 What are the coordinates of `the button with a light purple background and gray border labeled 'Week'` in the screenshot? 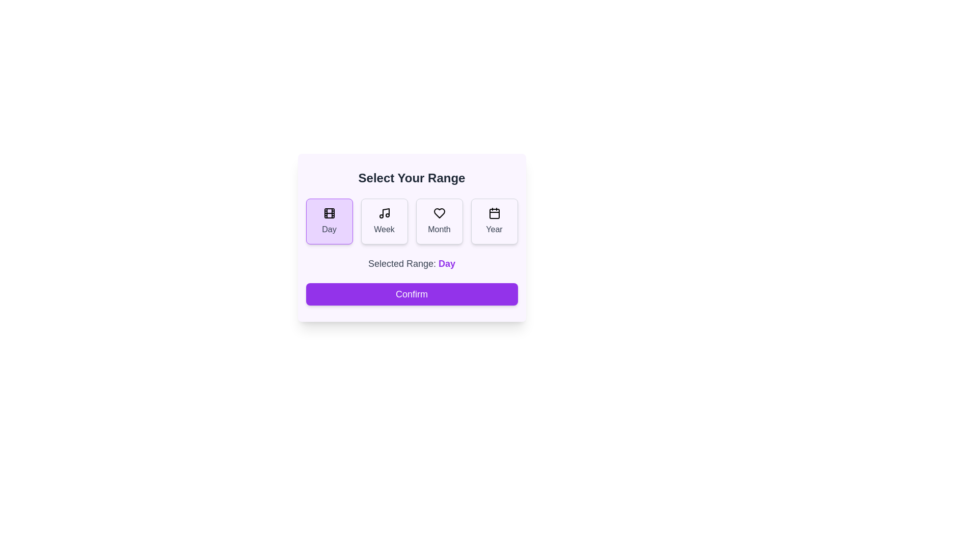 It's located at (384, 221).